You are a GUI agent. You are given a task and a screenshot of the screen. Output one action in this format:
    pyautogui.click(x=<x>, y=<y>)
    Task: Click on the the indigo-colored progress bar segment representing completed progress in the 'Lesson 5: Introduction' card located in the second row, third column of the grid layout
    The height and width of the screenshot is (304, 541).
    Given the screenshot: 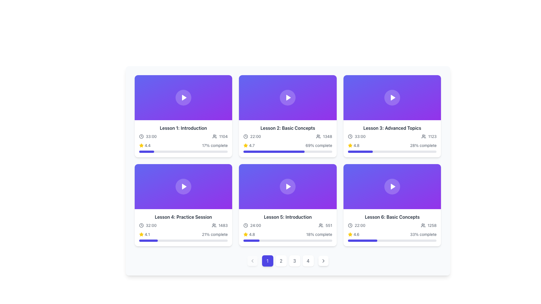 What is the action you would take?
    pyautogui.click(x=251, y=241)
    